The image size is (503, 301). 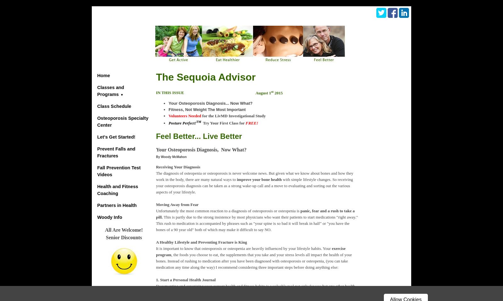 What do you see at coordinates (379, 72) in the screenshot?
I see `'wwwwwwwwwwwwww'` at bounding box center [379, 72].